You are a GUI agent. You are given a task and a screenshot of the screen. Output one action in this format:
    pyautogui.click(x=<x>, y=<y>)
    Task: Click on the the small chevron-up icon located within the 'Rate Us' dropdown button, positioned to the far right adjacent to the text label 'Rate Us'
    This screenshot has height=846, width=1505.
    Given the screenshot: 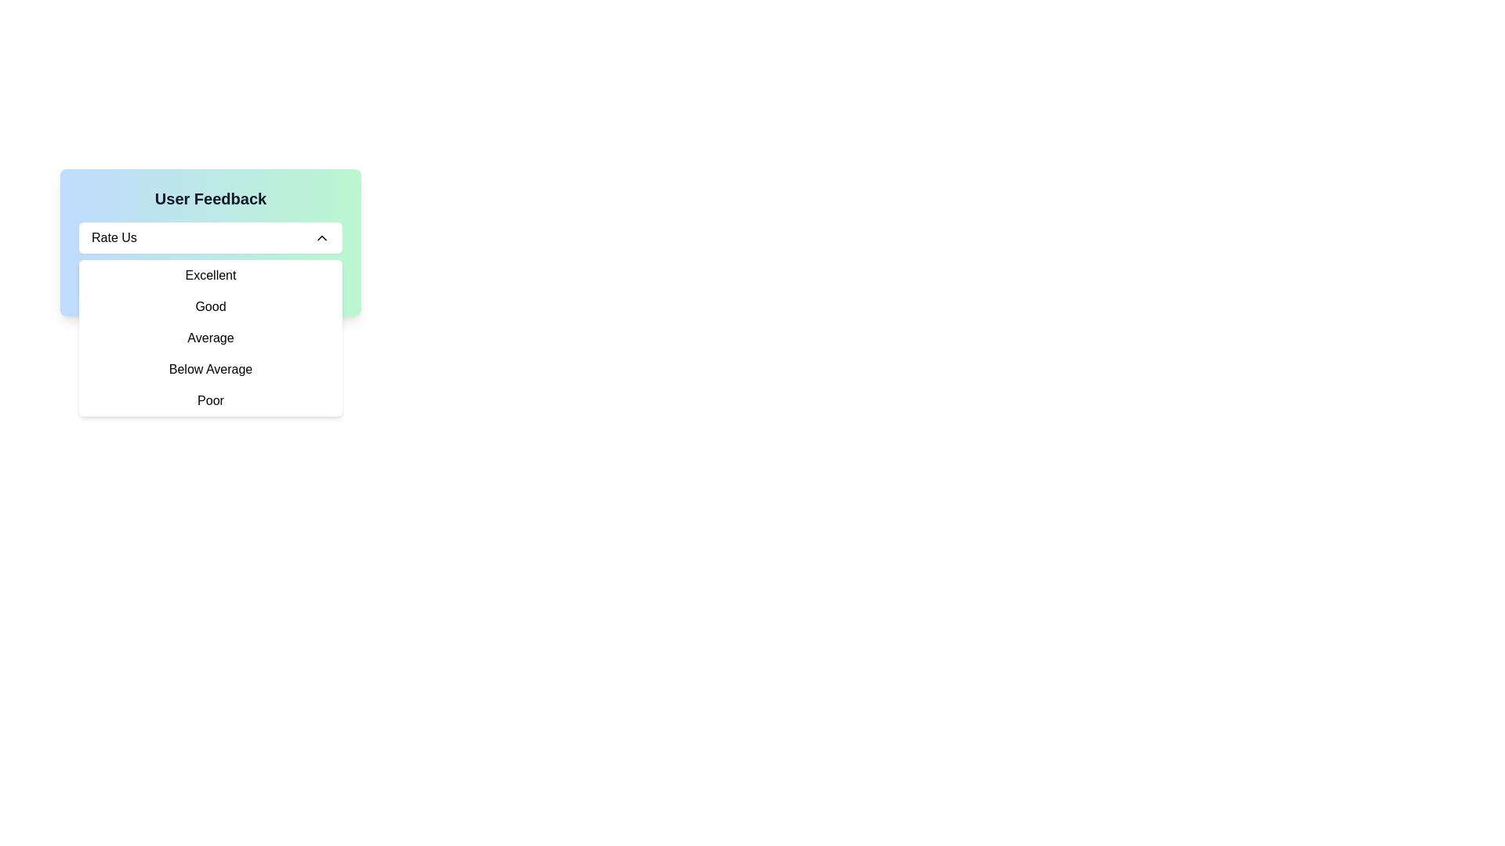 What is the action you would take?
    pyautogui.click(x=321, y=238)
    